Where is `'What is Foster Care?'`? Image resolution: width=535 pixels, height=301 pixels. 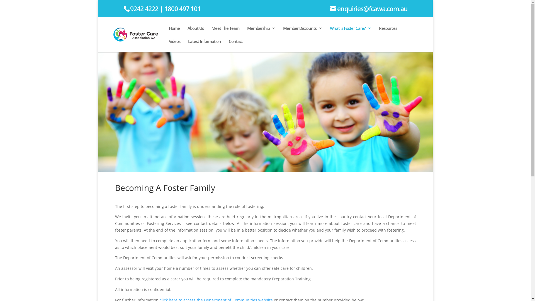 'What is Foster Care?' is located at coordinates (350, 33).